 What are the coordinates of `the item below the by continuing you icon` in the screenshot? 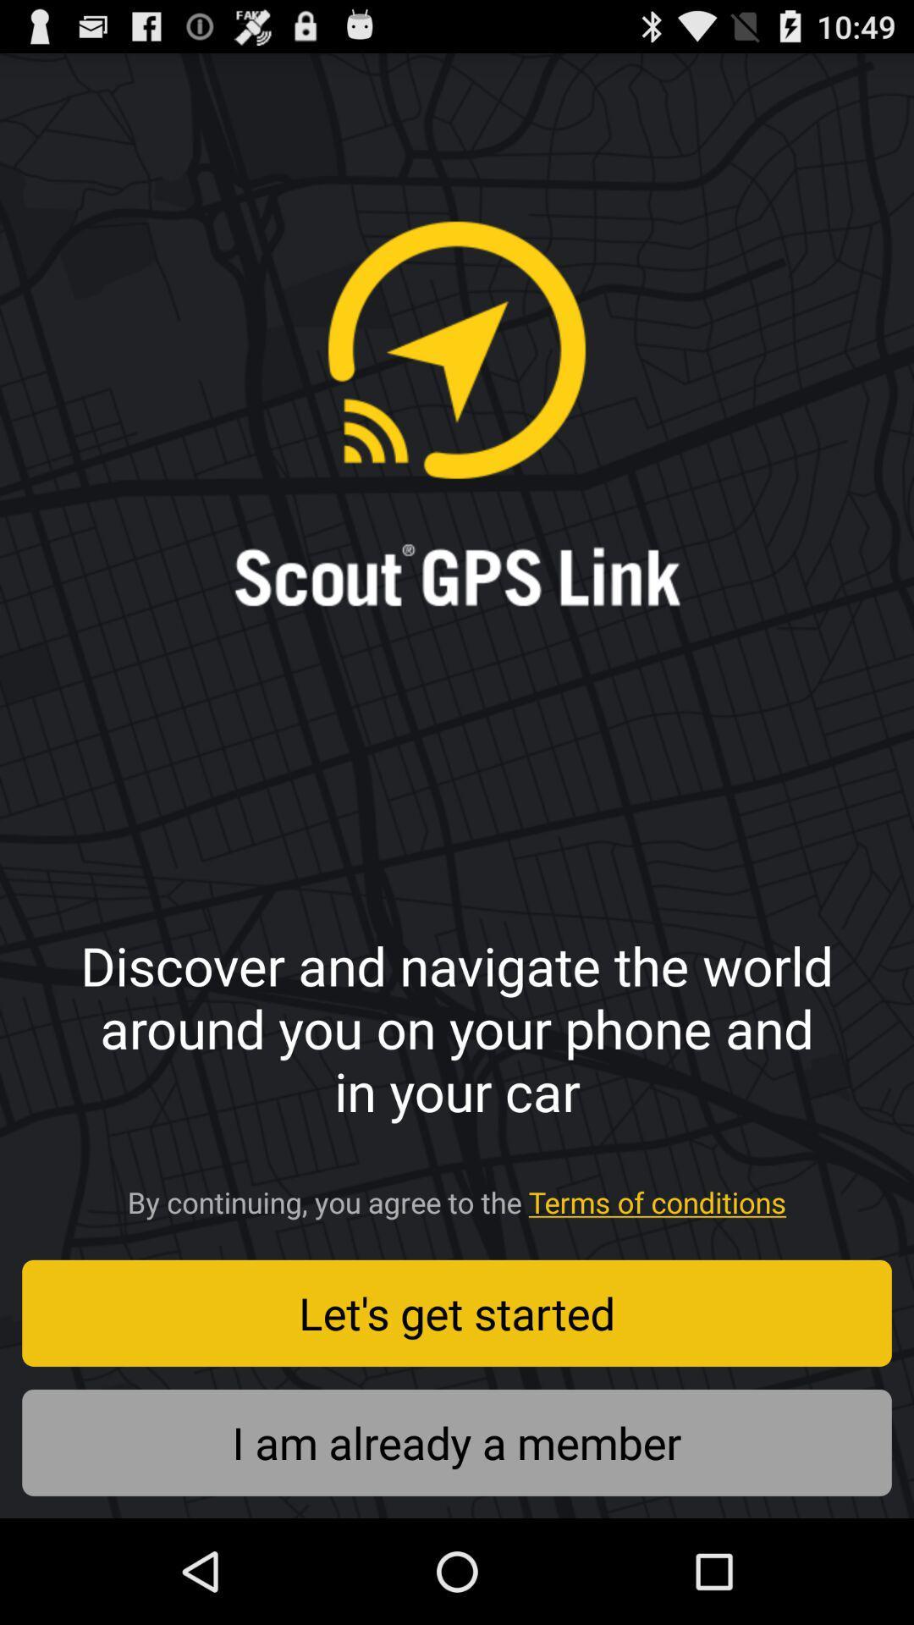 It's located at (457, 1312).